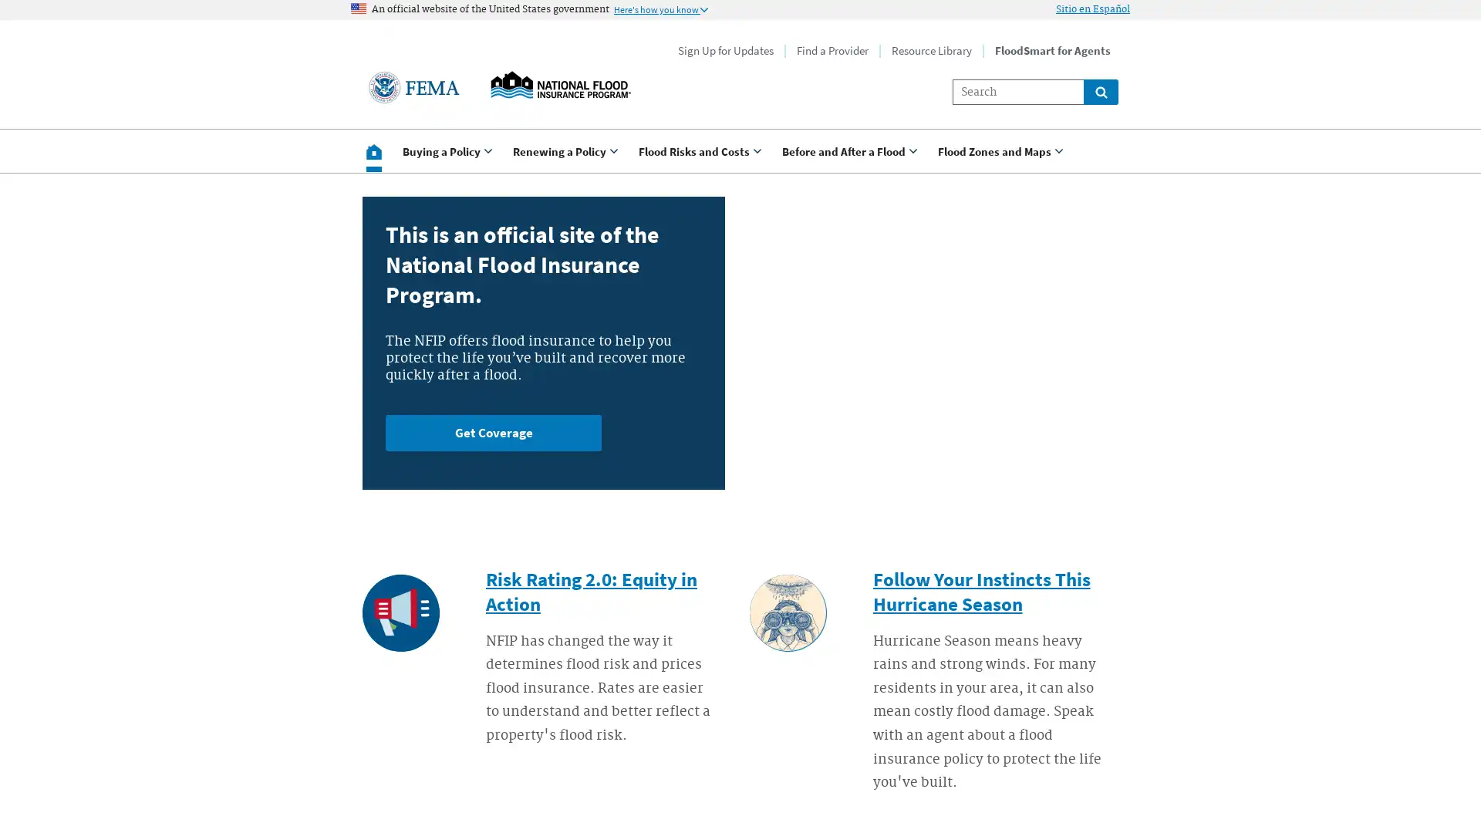 The image size is (1481, 833). Describe the element at coordinates (851, 150) in the screenshot. I see `Use <enter> and shift + <enter> to open and close the drop down to sub-menus` at that location.